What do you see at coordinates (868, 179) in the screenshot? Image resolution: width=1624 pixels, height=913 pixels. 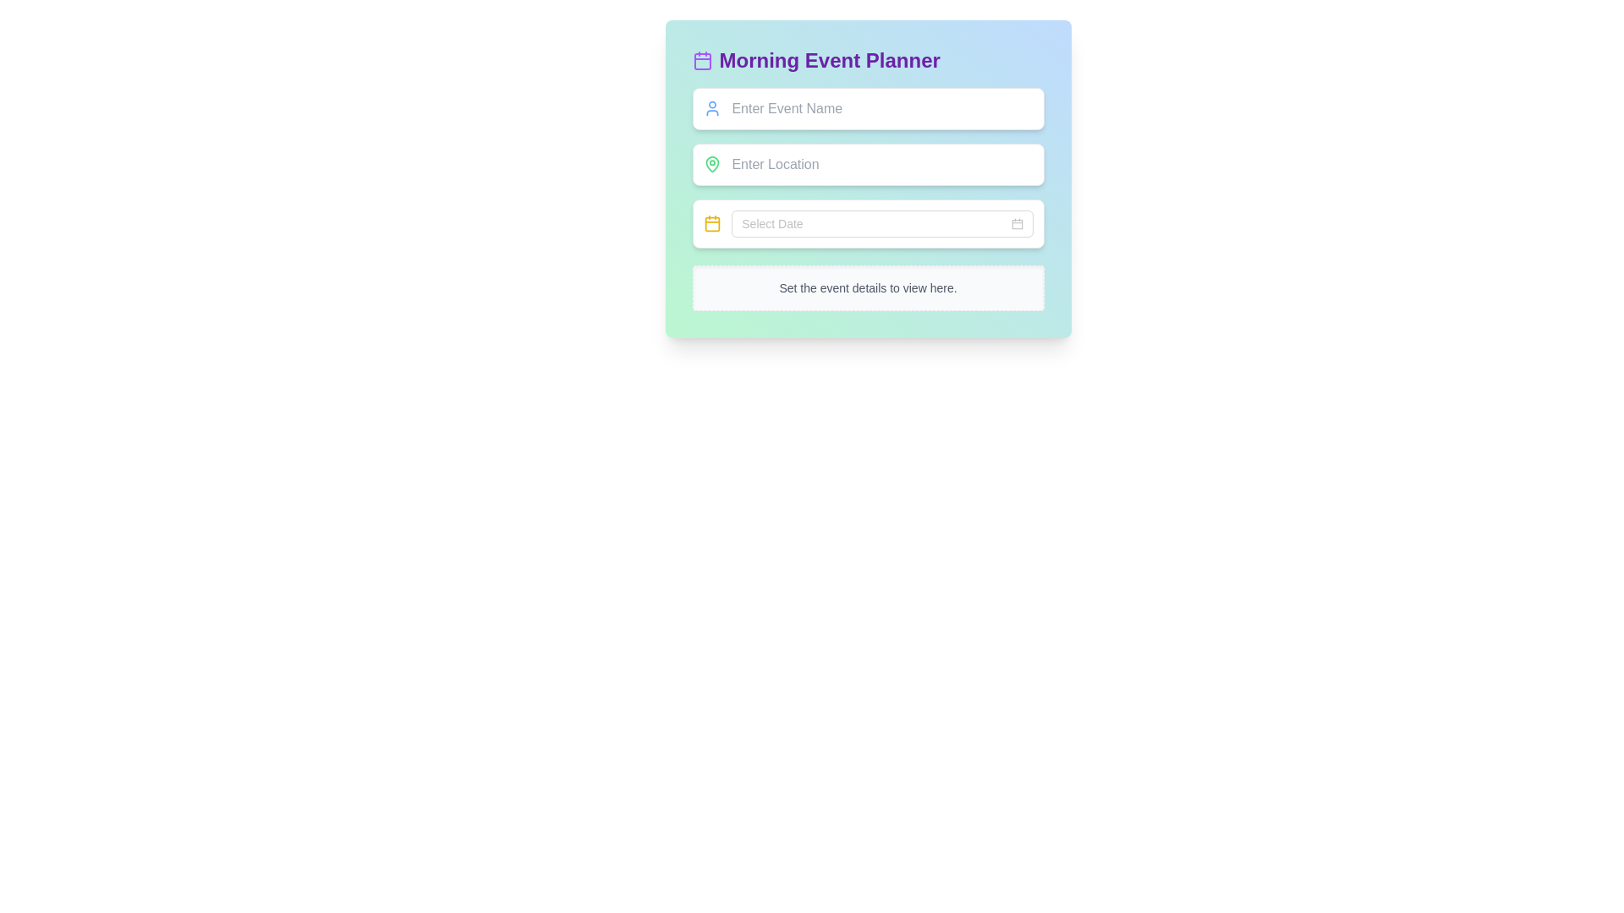 I see `inside the 'Enter Location' text input field` at bounding box center [868, 179].